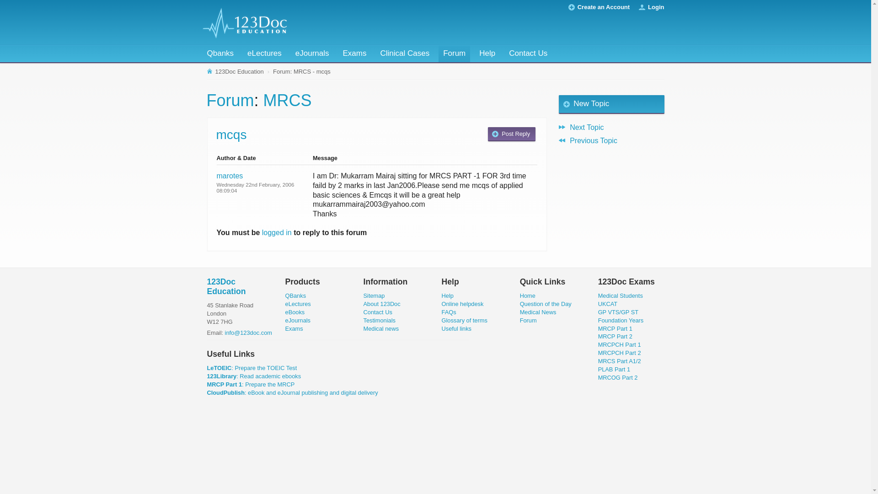 The image size is (878, 494). Describe the element at coordinates (527, 295) in the screenshot. I see `'Home'` at that location.